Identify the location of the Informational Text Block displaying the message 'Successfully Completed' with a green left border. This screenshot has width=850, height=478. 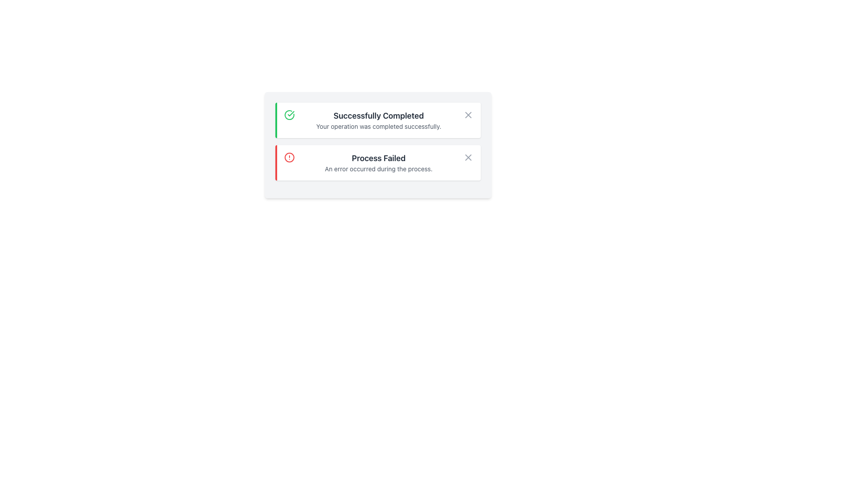
(379, 120).